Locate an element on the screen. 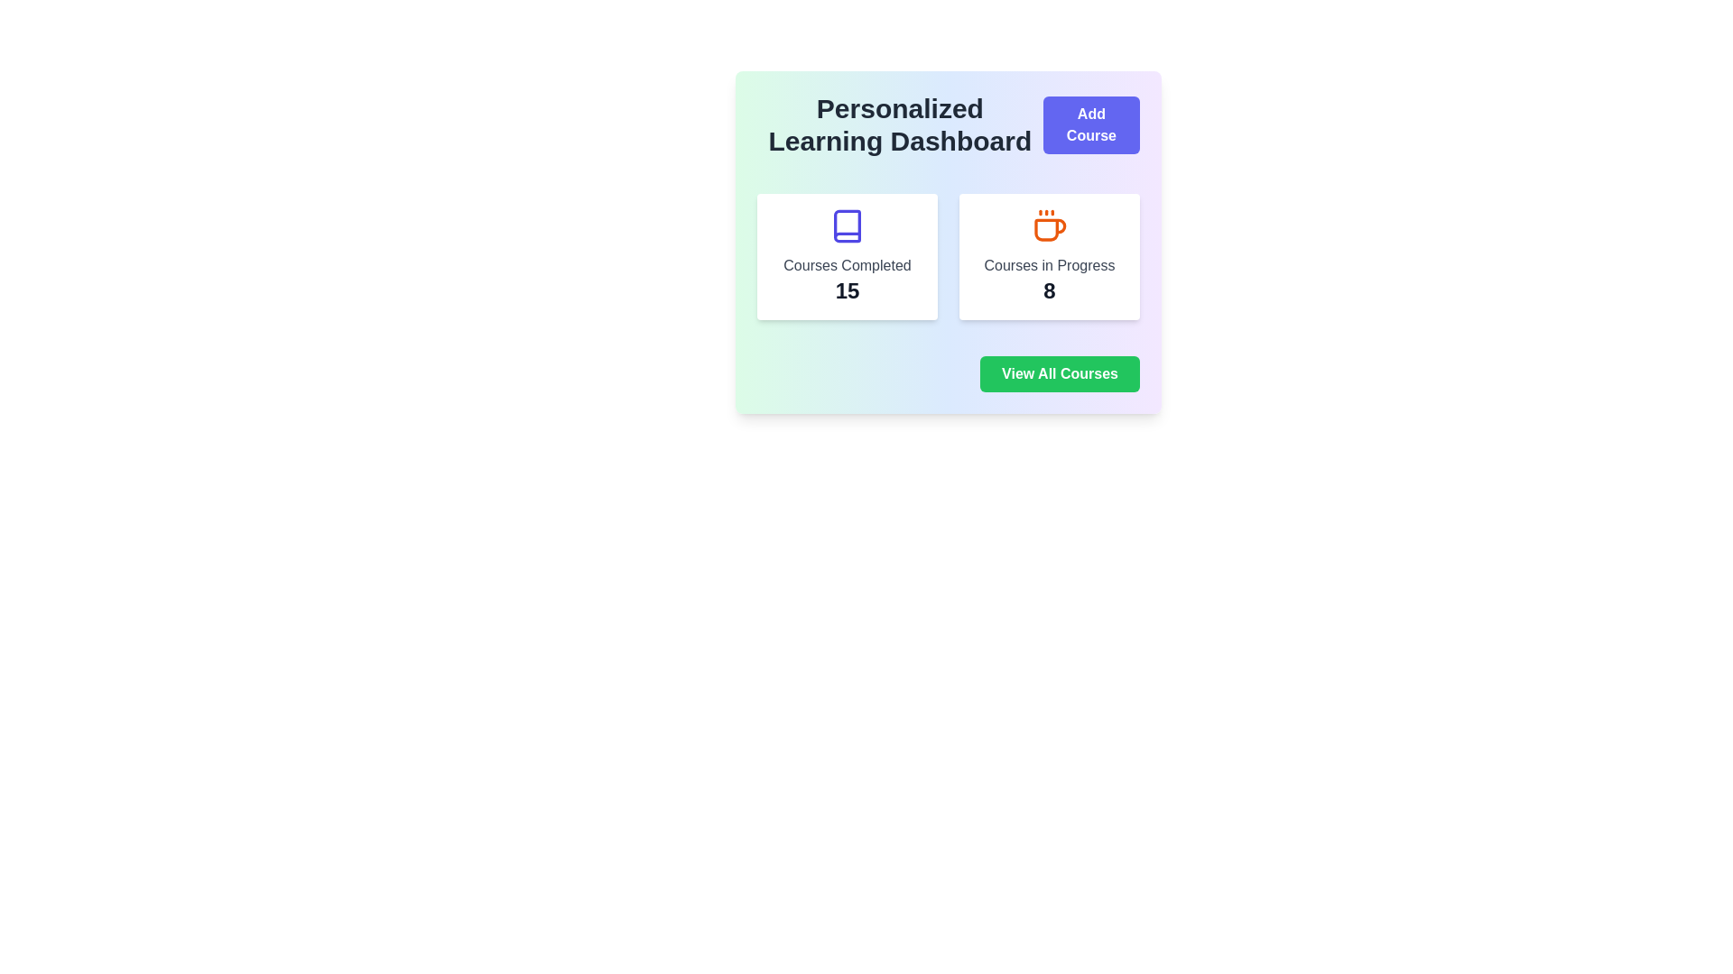  the orange-colored coffee cup icon with a stylized design, which is positioned centrally in the header area of the 'Courses in Progress' card is located at coordinates (1049, 225).